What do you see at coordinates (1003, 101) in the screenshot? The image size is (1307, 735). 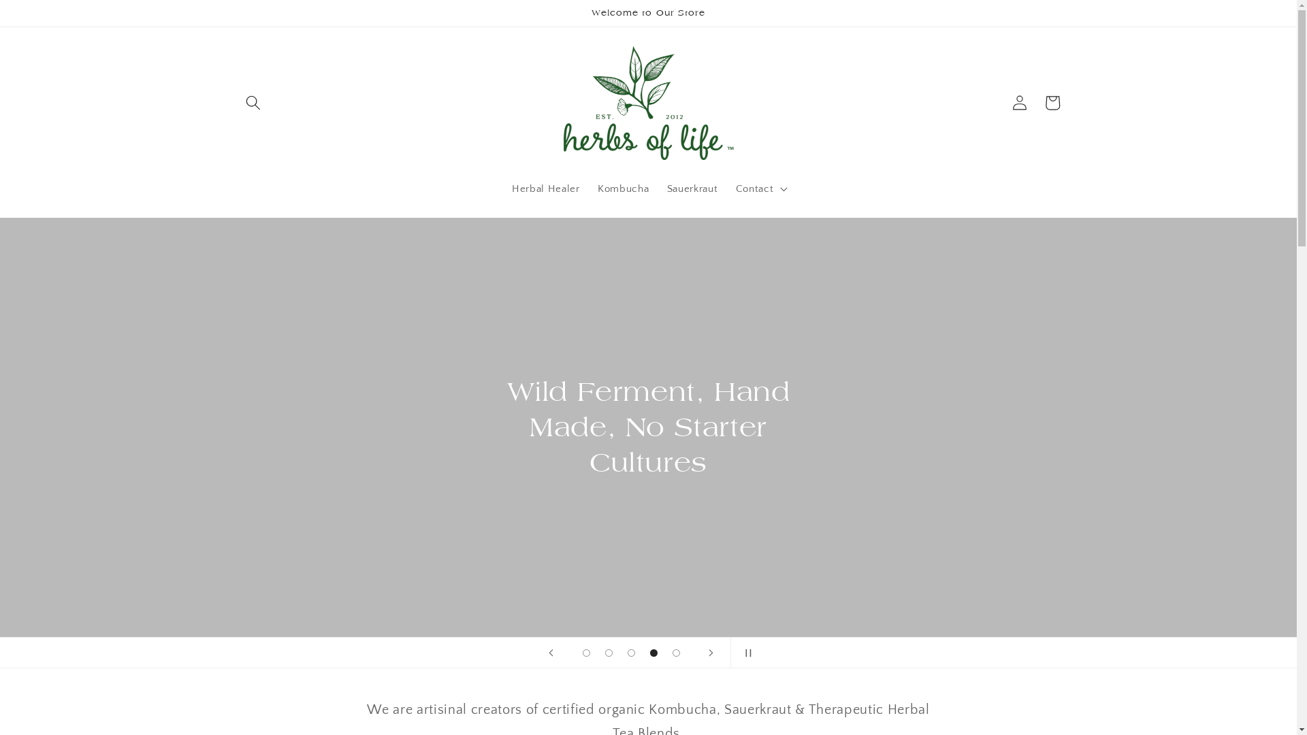 I see `'Log in'` at bounding box center [1003, 101].